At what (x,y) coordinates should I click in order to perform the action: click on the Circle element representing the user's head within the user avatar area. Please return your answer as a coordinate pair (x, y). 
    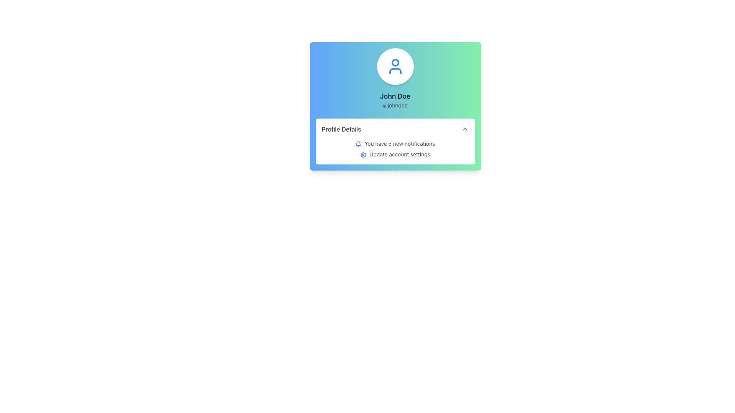
    Looking at the image, I should click on (395, 62).